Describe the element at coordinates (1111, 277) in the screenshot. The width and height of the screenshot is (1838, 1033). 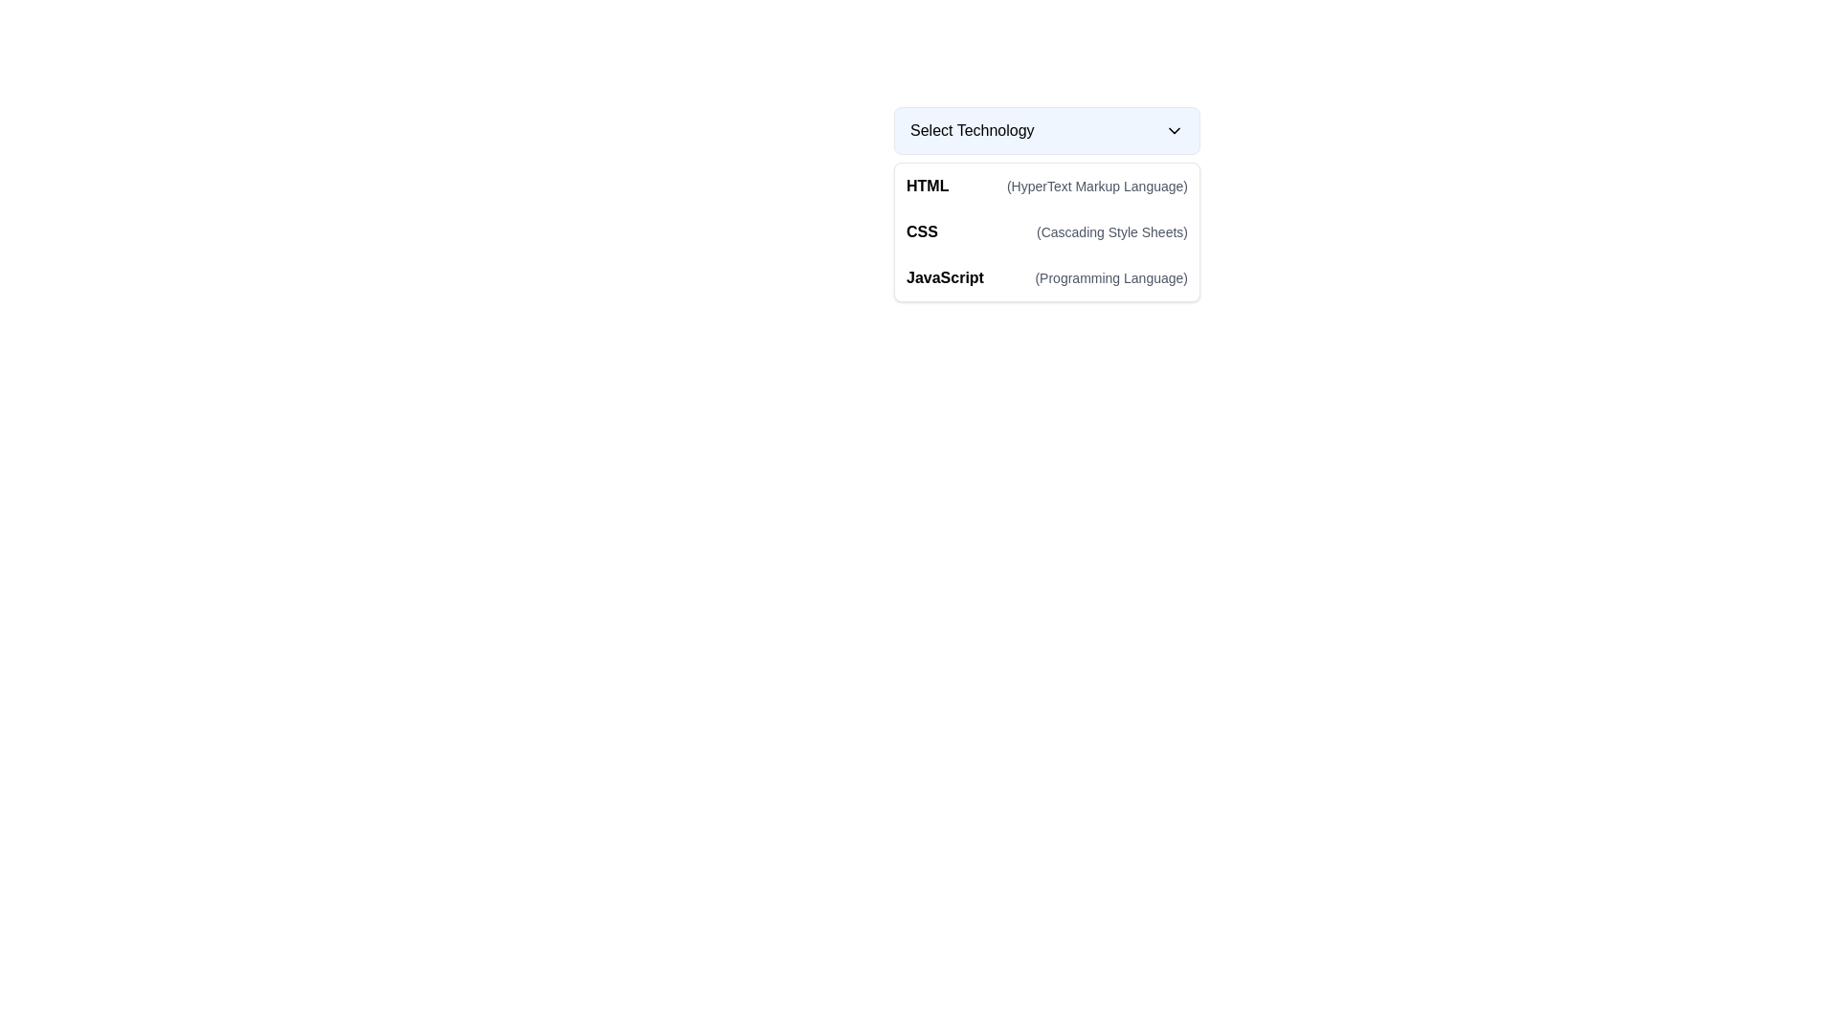
I see `the descriptive text label that explains 'JavaScript' as a programming language, located within the dropdown menu, positioned to the right and slightly lower than the bold 'JavaScript' label` at that location.